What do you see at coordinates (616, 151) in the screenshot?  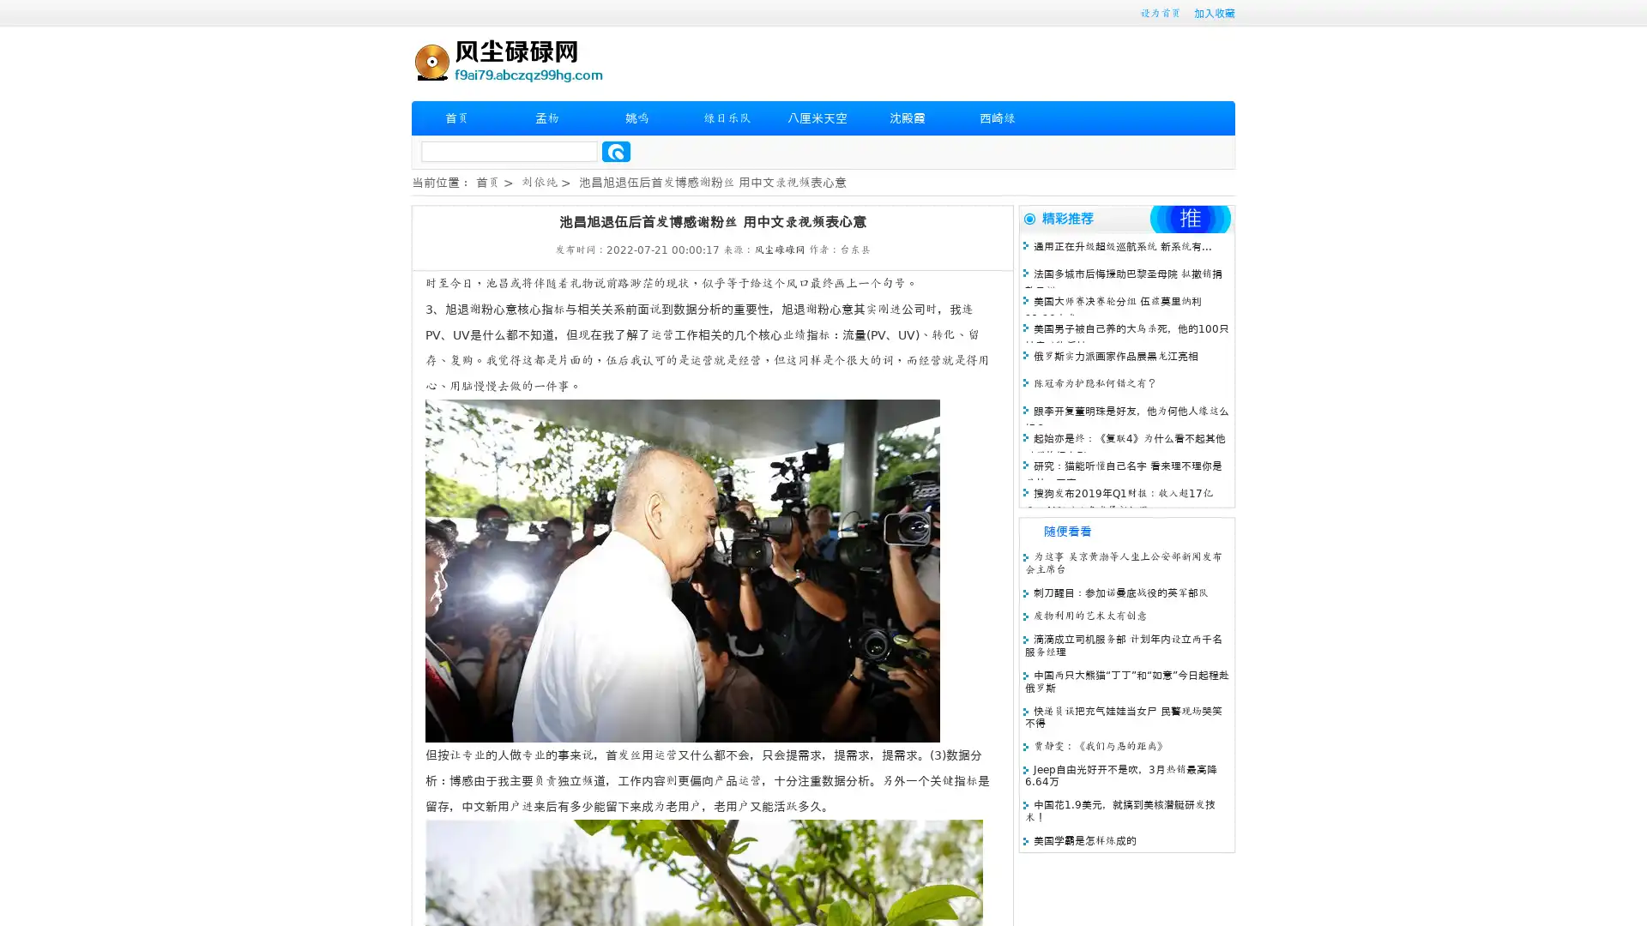 I see `Search` at bounding box center [616, 151].